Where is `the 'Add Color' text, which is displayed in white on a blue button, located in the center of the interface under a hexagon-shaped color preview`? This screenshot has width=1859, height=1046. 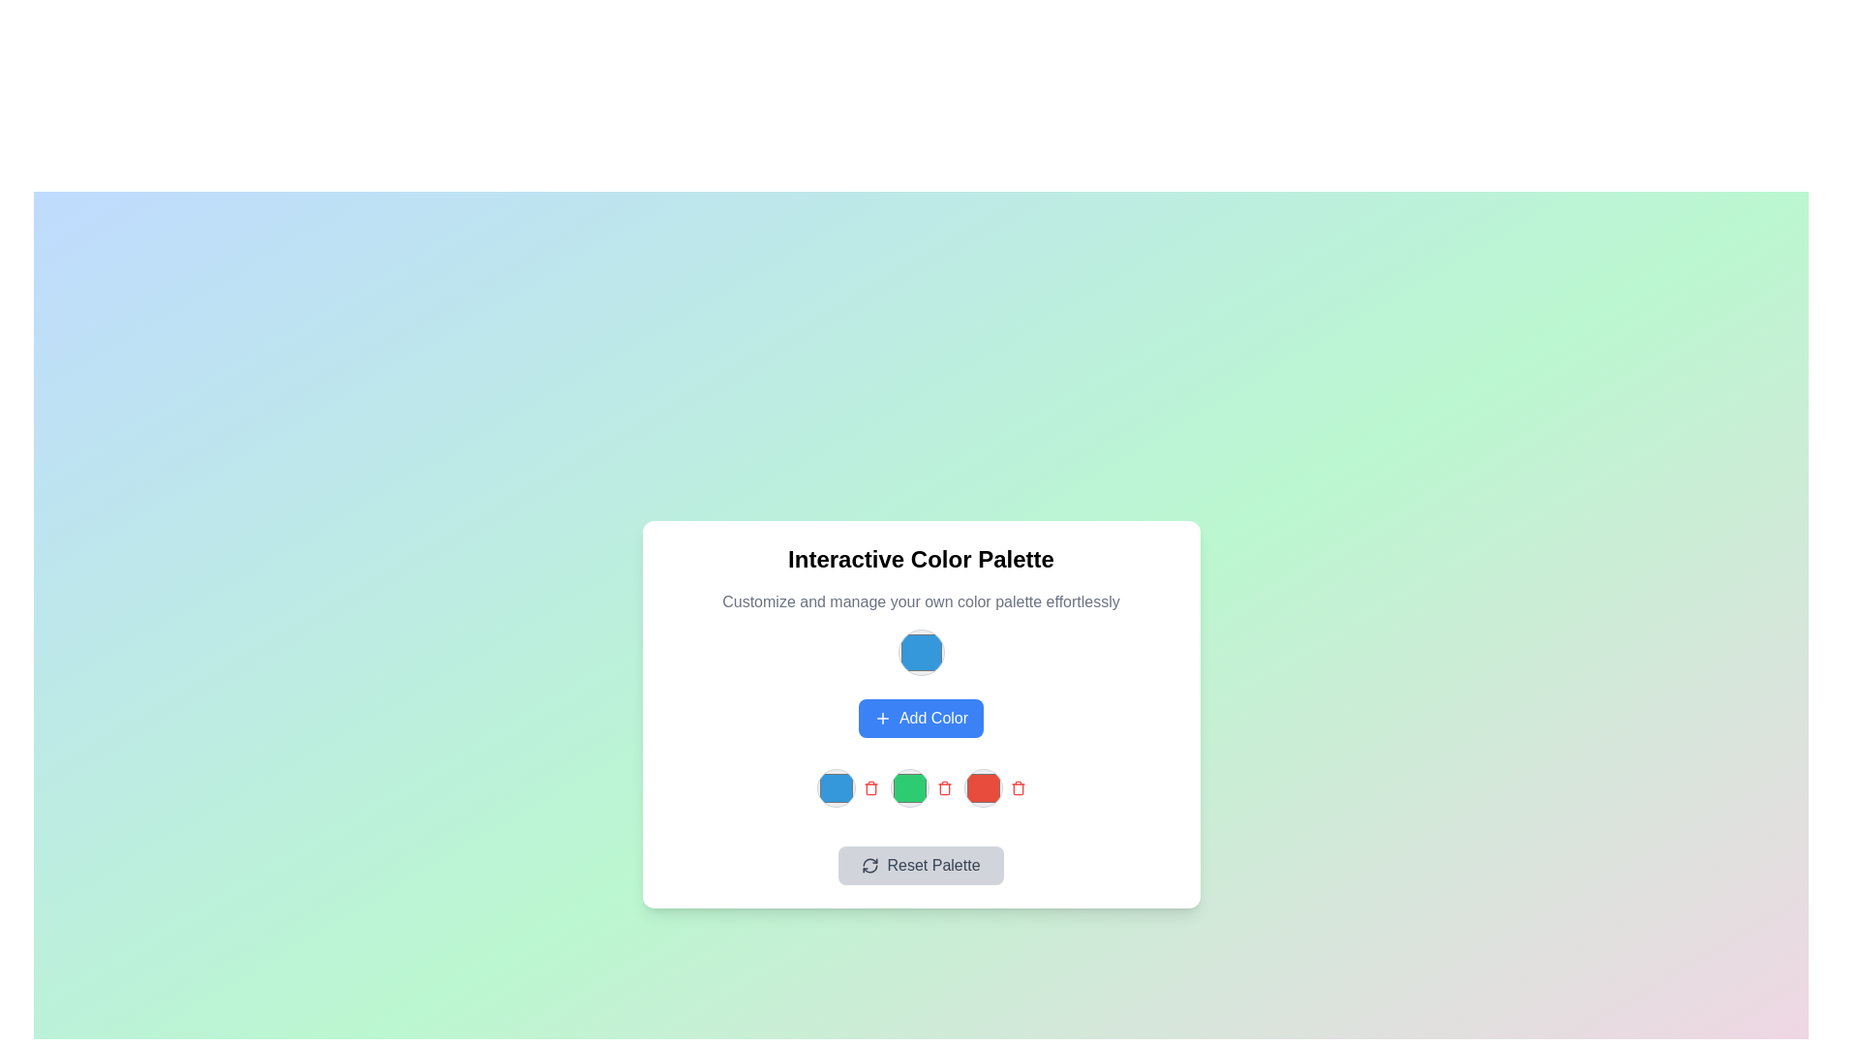
the 'Add Color' text, which is displayed in white on a blue button, located in the center of the interface under a hexagon-shaped color preview is located at coordinates (933, 718).